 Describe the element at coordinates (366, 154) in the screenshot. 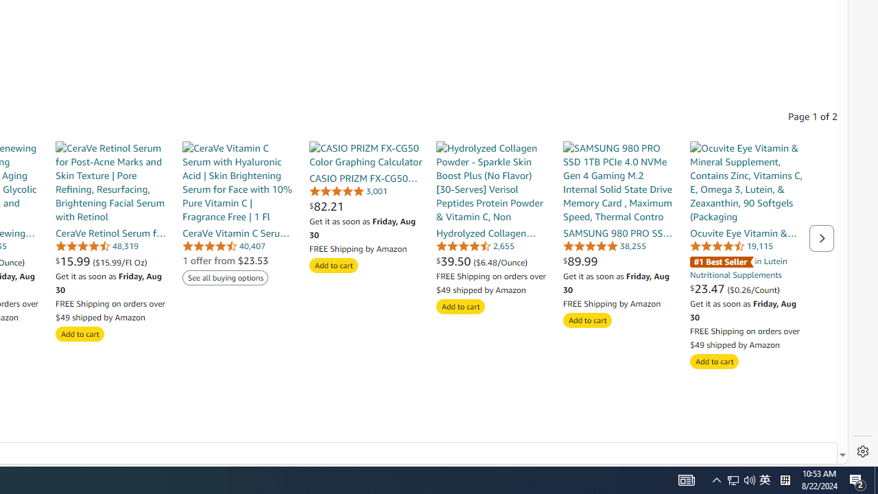

I see `'CASIO PRIZM FX-CG50 Color Graphing Calculator'` at that location.